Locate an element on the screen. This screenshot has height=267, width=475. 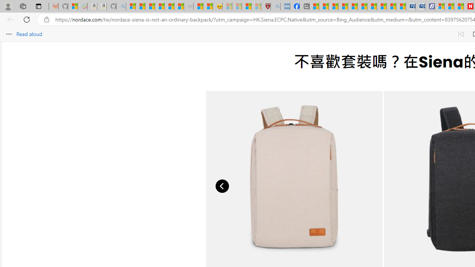
'12 Popular Science Lies that Must be Corrected - Sleeping' is located at coordinates (256, 6).